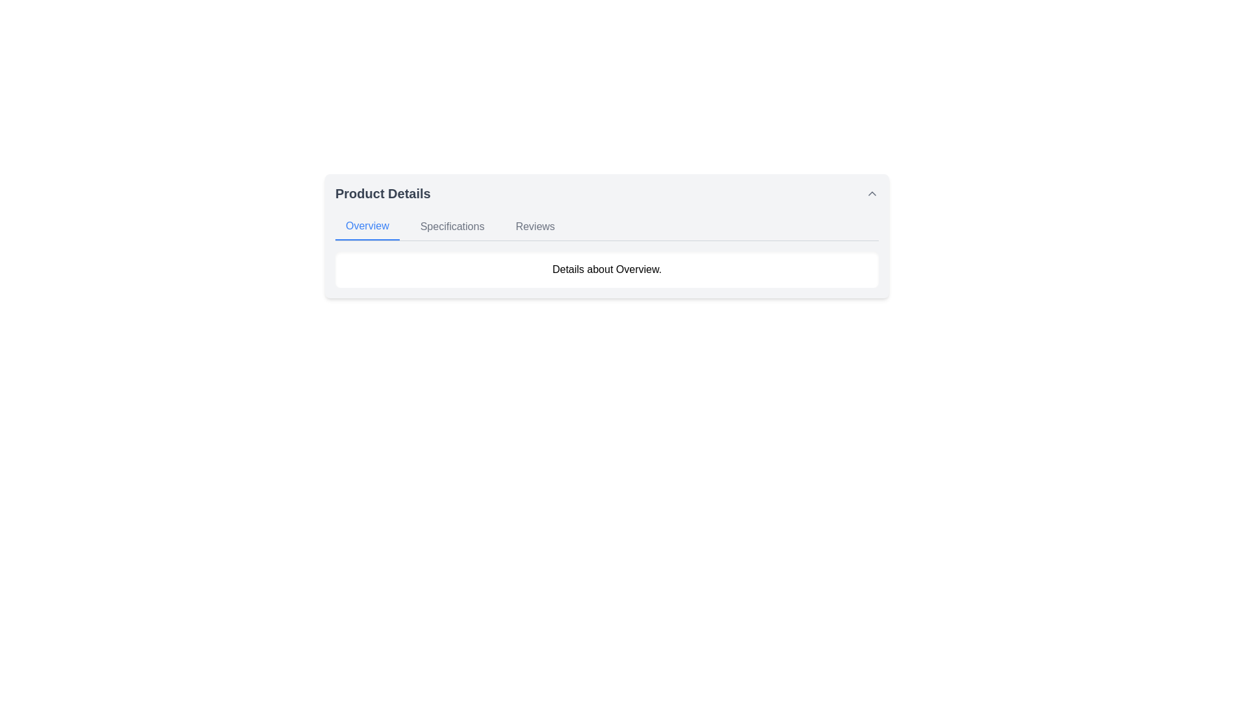 The width and height of the screenshot is (1248, 702). I want to click on the 'Specifications' navigation tab, so click(452, 226).